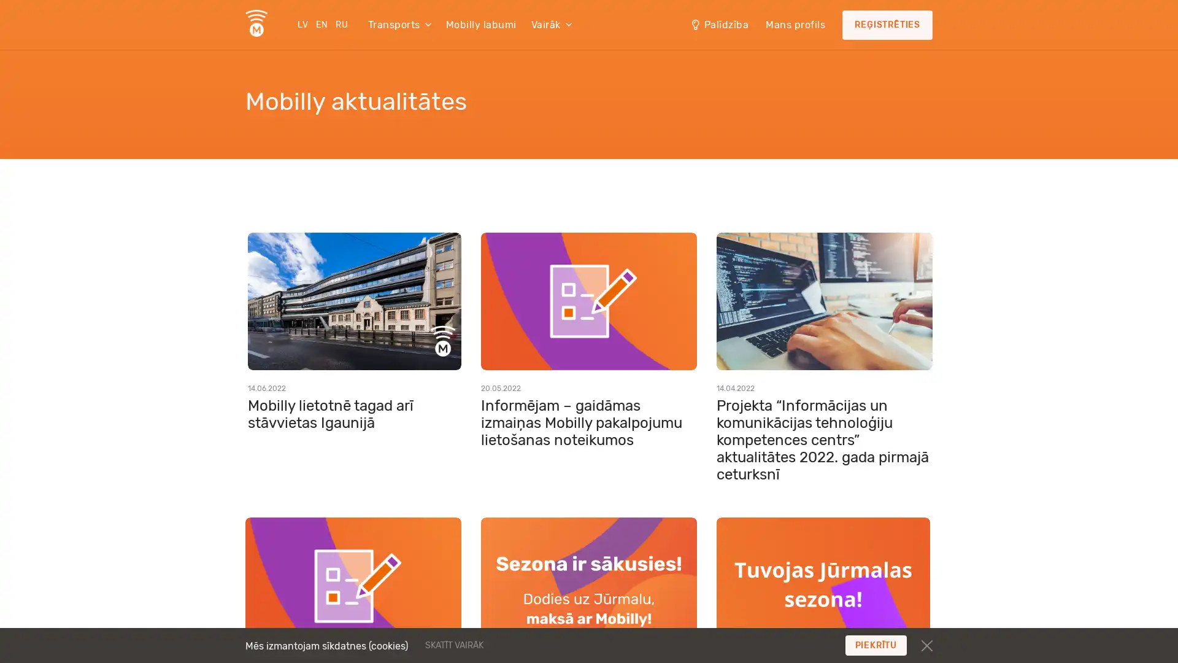 This screenshot has height=663, width=1178. What do you see at coordinates (887, 25) in the screenshot?
I see `REGISTRETIES` at bounding box center [887, 25].